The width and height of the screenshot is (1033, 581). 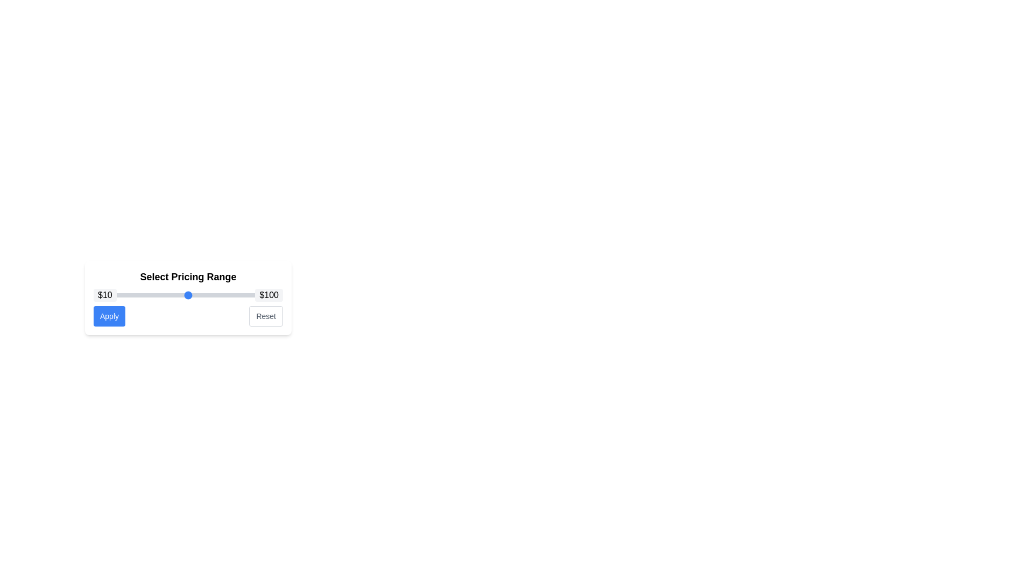 I want to click on the 'Reset' button, which is a rectangular button with a rounded border and gray text, positioned to the right of the 'Apply' button, so click(x=266, y=315).